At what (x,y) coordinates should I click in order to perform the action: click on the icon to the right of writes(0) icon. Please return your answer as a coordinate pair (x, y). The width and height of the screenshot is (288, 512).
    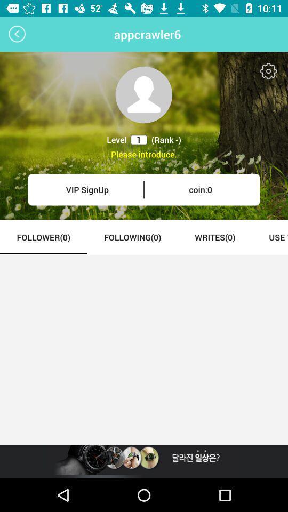
    Looking at the image, I should click on (269, 237).